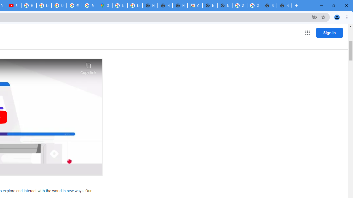  What do you see at coordinates (333, 5) in the screenshot?
I see `'Restore'` at bounding box center [333, 5].